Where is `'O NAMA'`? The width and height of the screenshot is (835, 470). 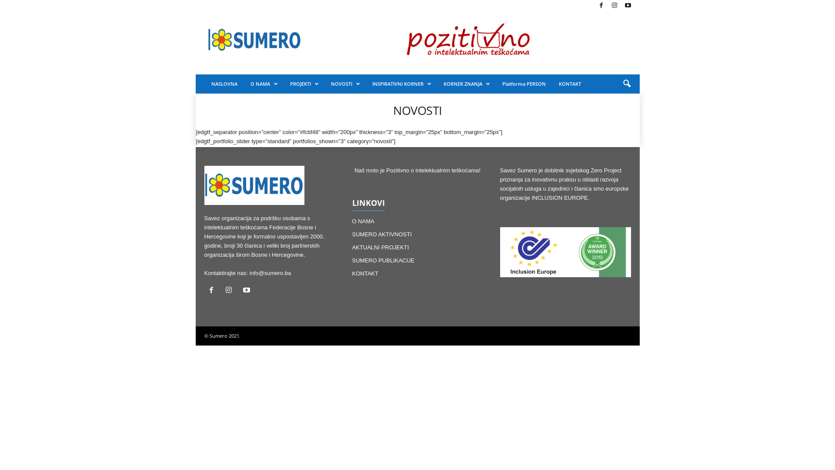
'O NAMA' is located at coordinates (263, 84).